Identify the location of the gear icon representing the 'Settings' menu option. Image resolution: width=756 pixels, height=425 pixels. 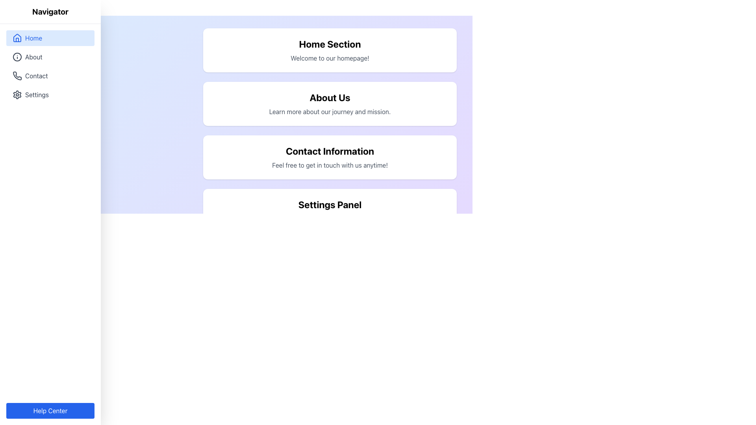
(17, 94).